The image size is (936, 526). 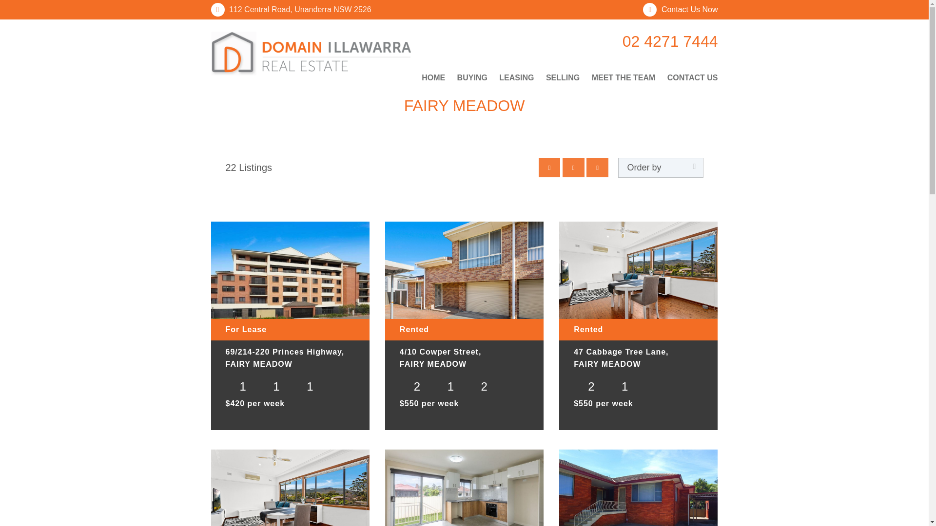 What do you see at coordinates (597, 167) in the screenshot?
I see `'List View'` at bounding box center [597, 167].